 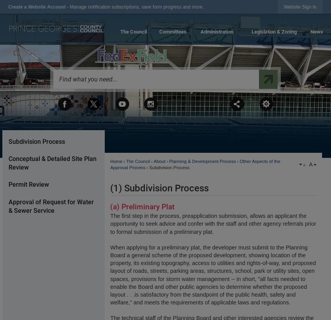 I want to click on 'Other Aspects of the Approval Process', so click(x=195, y=164).